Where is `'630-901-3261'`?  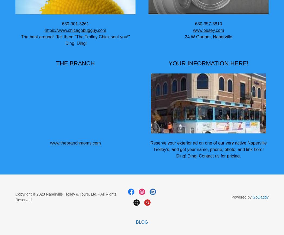
'630-901-3261' is located at coordinates (62, 23).